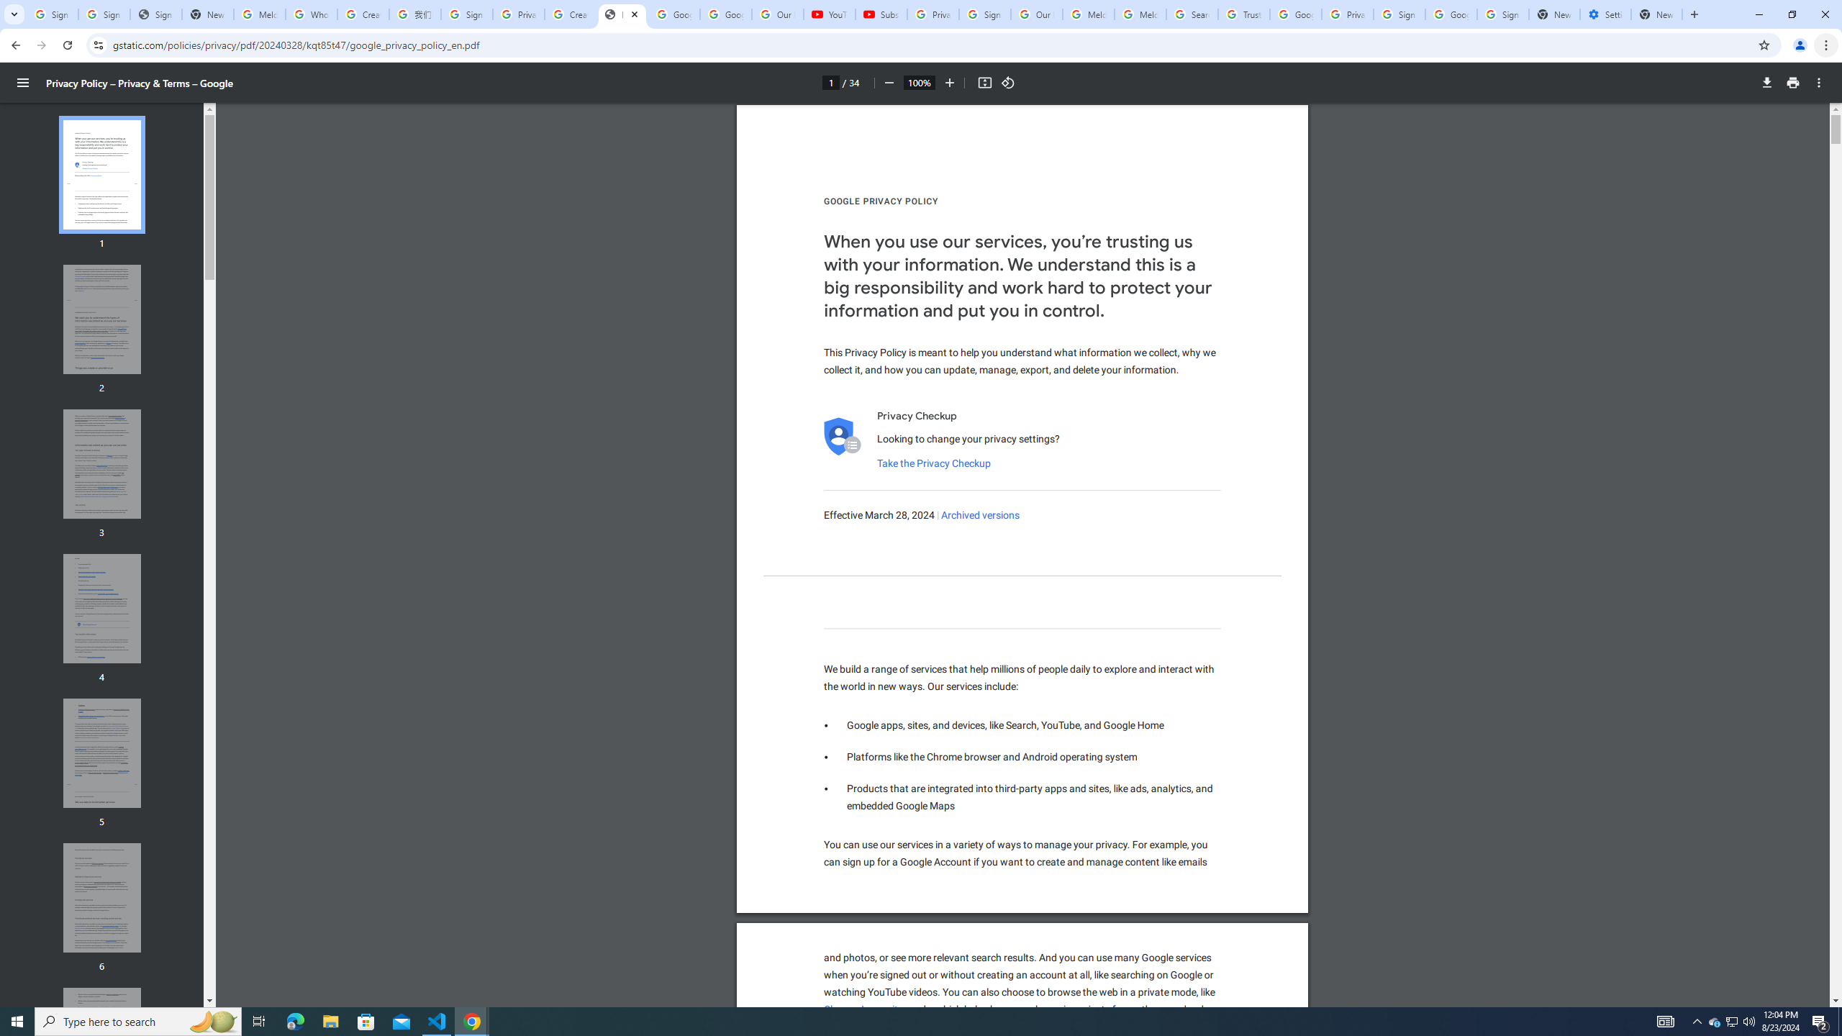  I want to click on 'Zoom in', so click(948, 82).